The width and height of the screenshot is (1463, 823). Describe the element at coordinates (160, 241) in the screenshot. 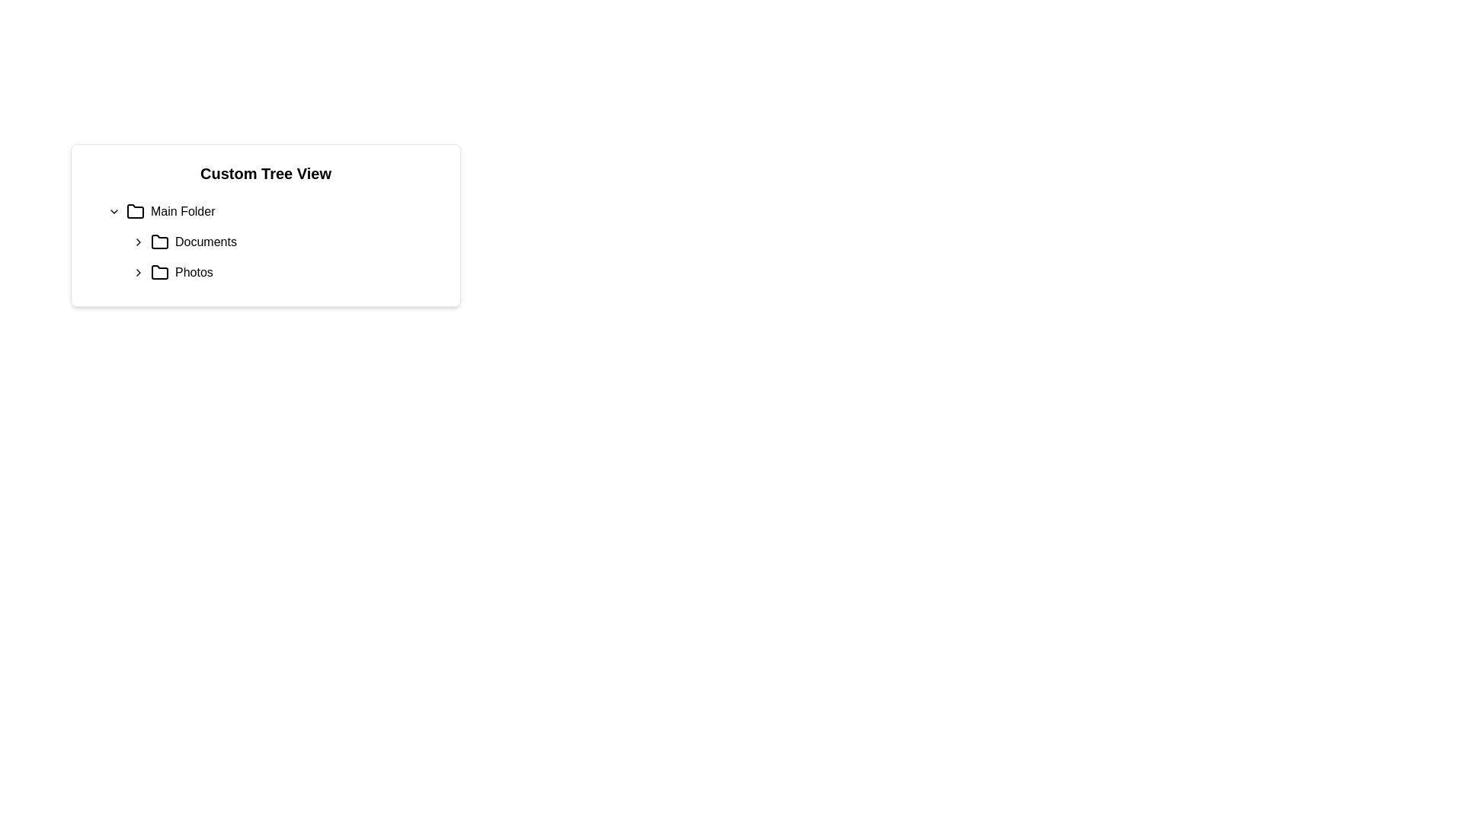

I see `the outlined folder icon located to the left of the 'Documents' text in the vertical list of file-related items` at that location.